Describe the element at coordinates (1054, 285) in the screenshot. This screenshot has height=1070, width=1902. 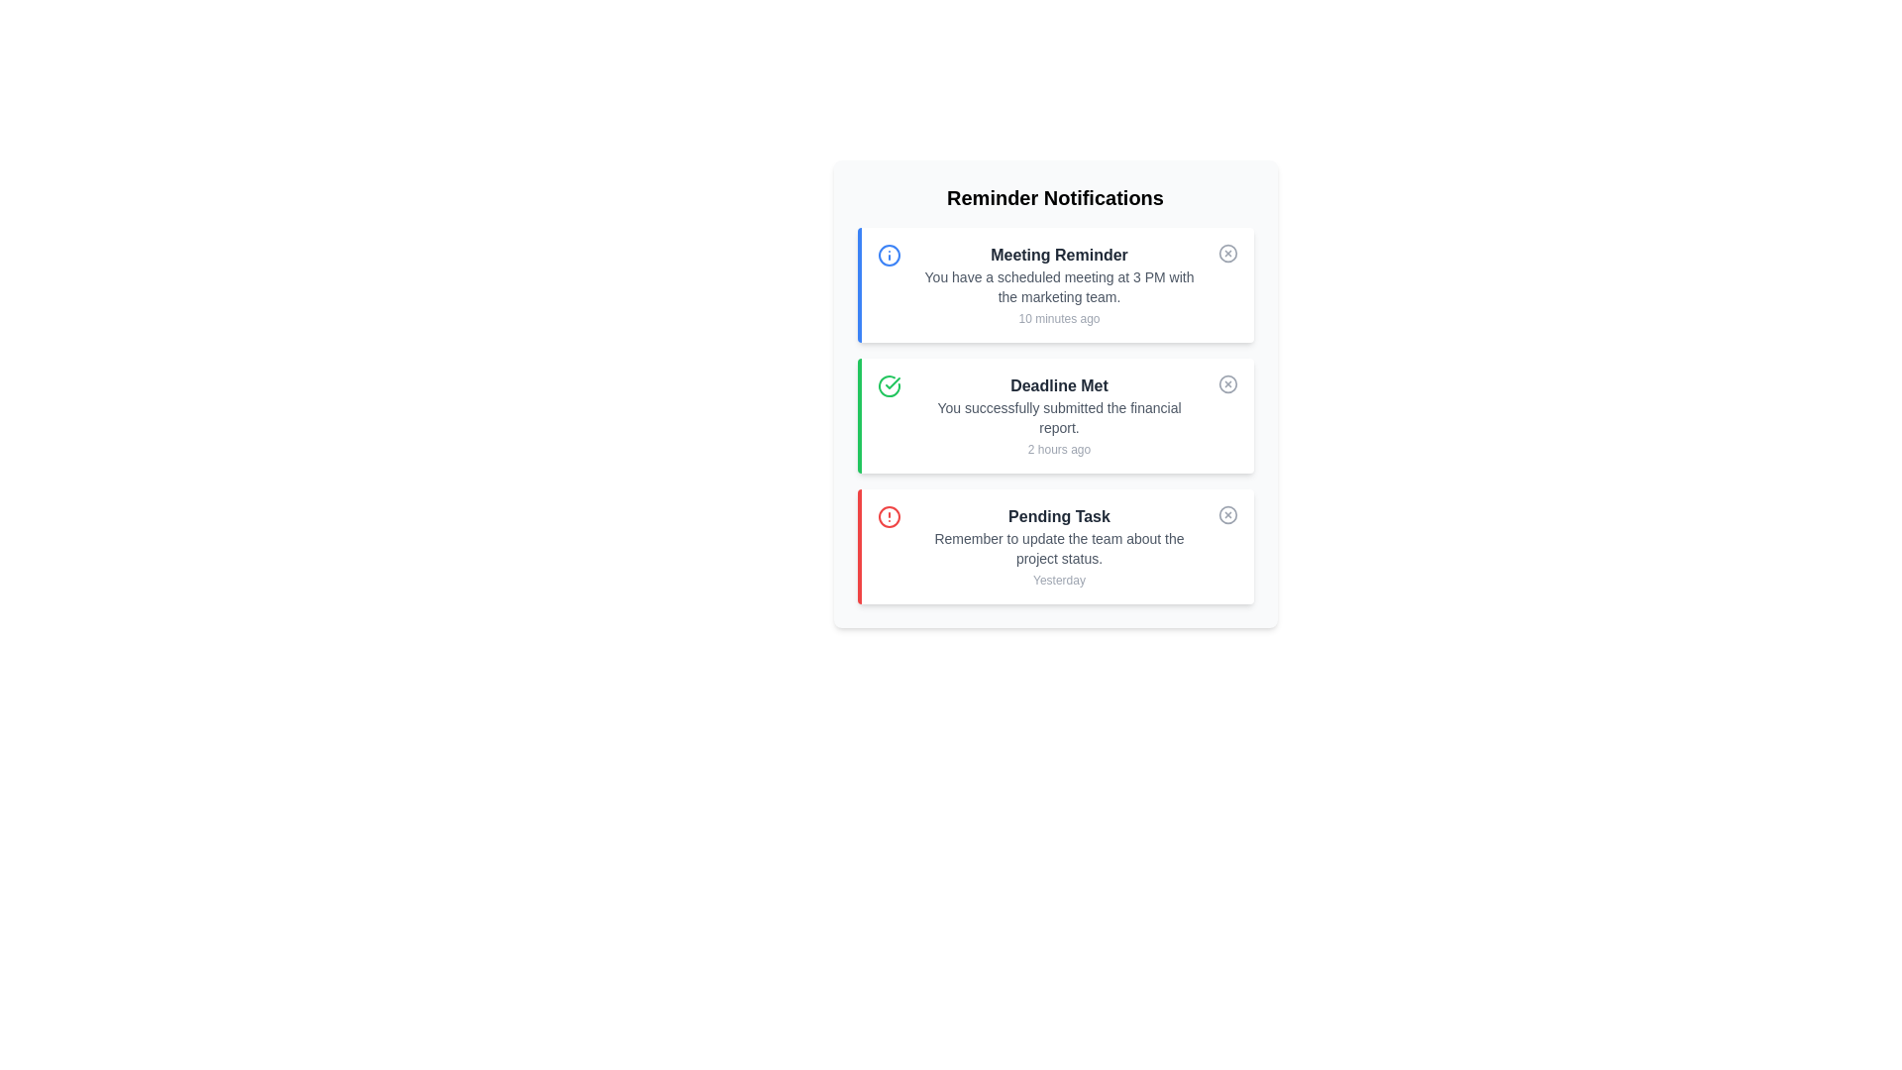
I see `the notification displayed in the first position of the 'Reminder Notifications' list, which provides details about a scheduled meeting` at that location.